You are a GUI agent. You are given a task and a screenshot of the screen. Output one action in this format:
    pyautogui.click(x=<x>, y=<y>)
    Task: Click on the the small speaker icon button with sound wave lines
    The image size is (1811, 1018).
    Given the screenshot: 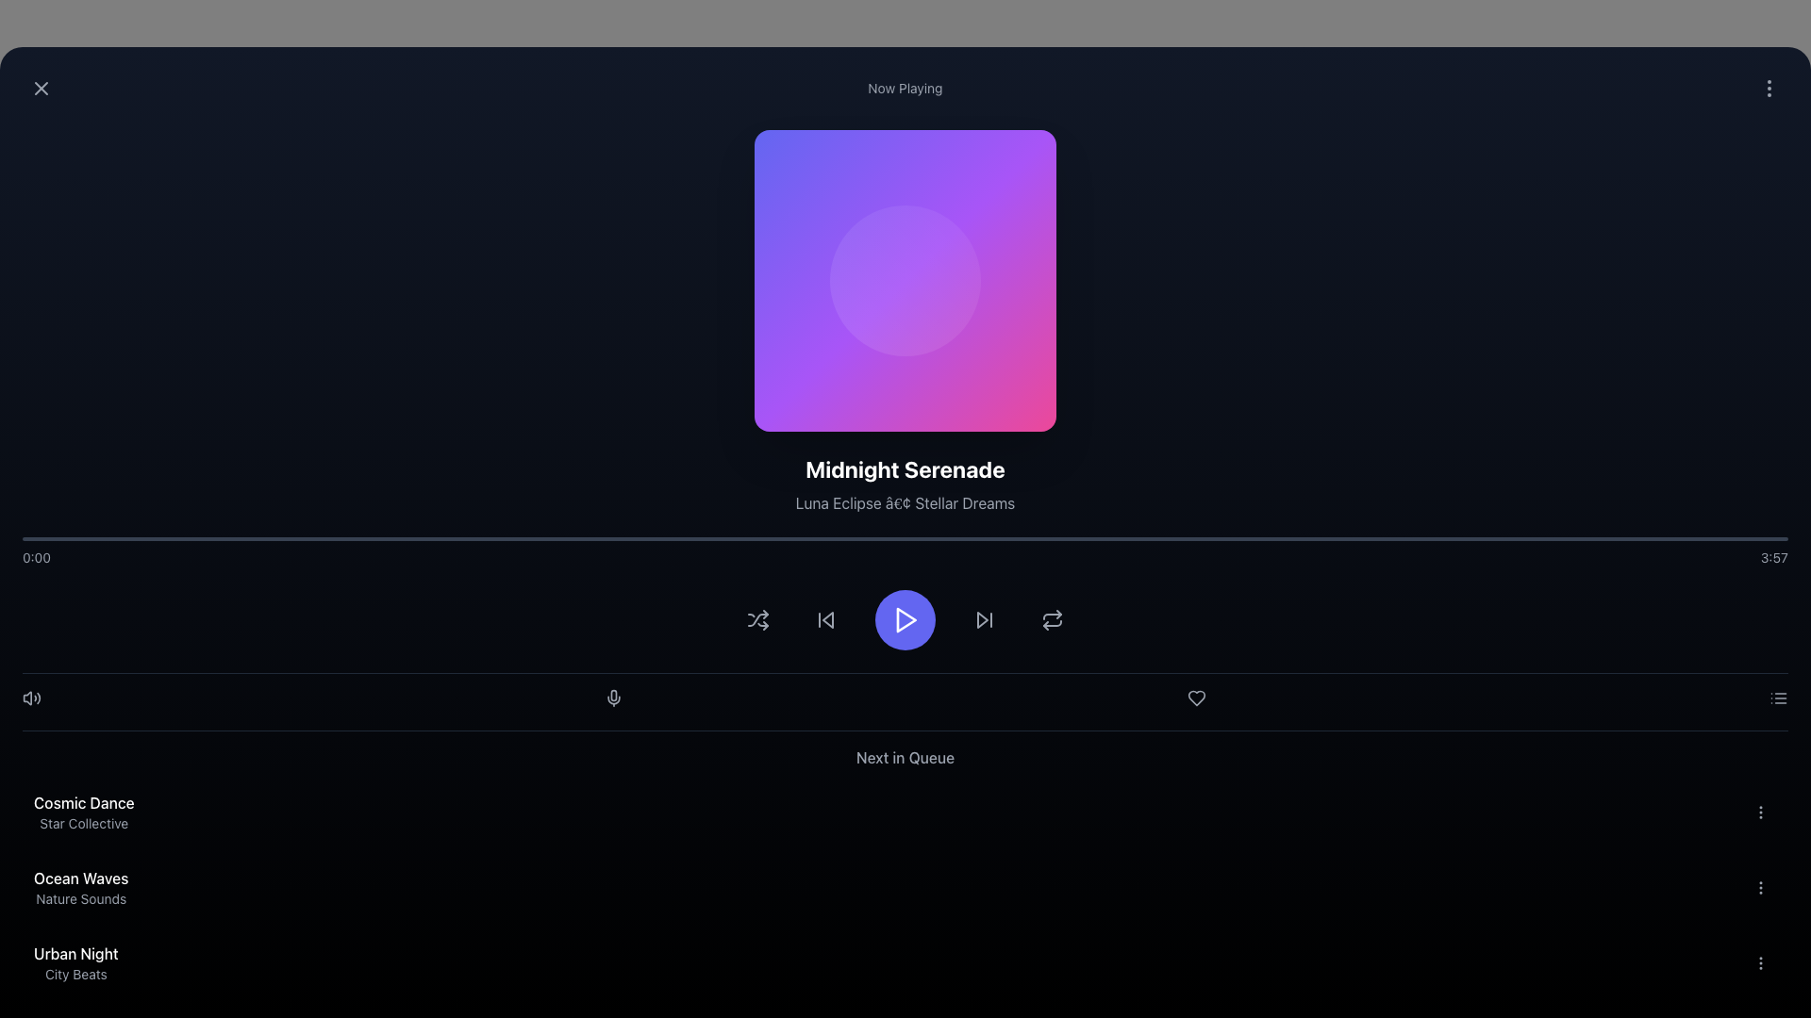 What is the action you would take?
    pyautogui.click(x=31, y=698)
    